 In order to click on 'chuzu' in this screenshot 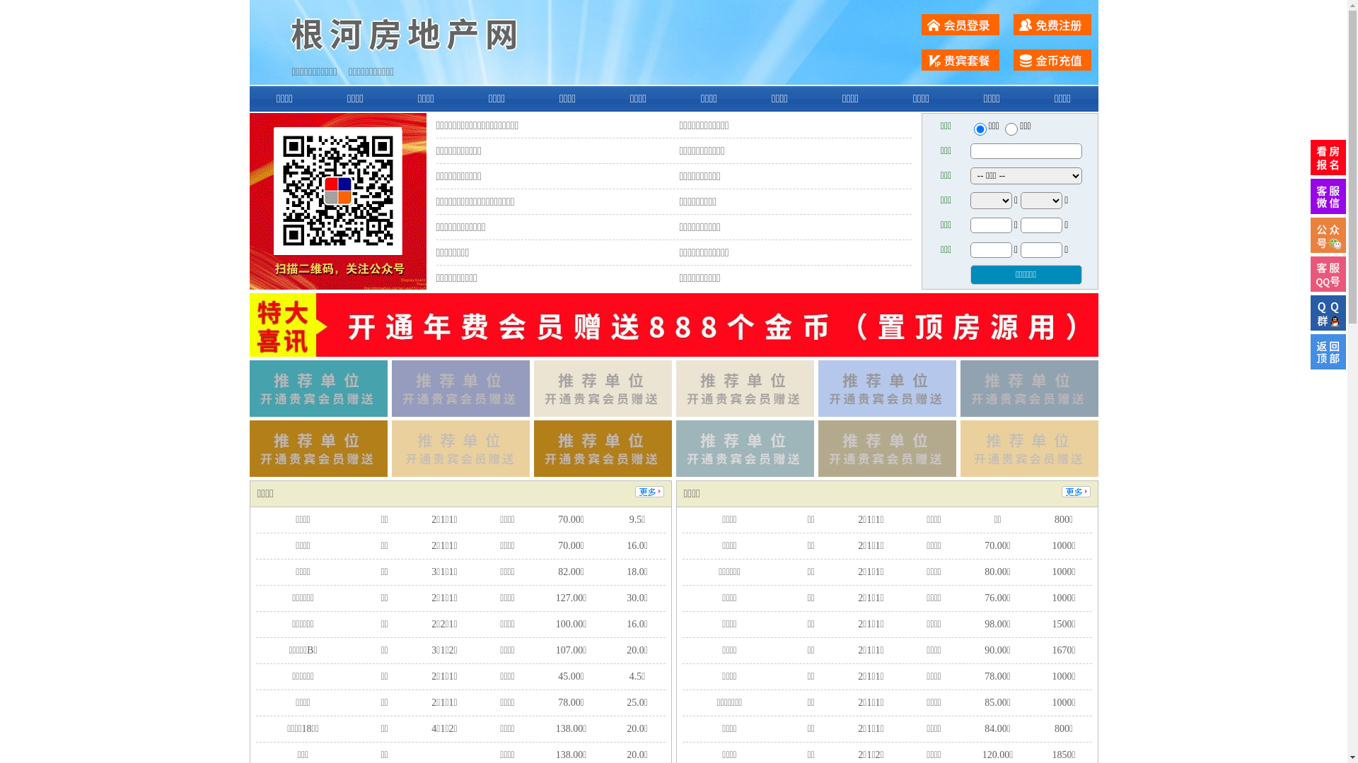, I will do `click(1004, 129)`.